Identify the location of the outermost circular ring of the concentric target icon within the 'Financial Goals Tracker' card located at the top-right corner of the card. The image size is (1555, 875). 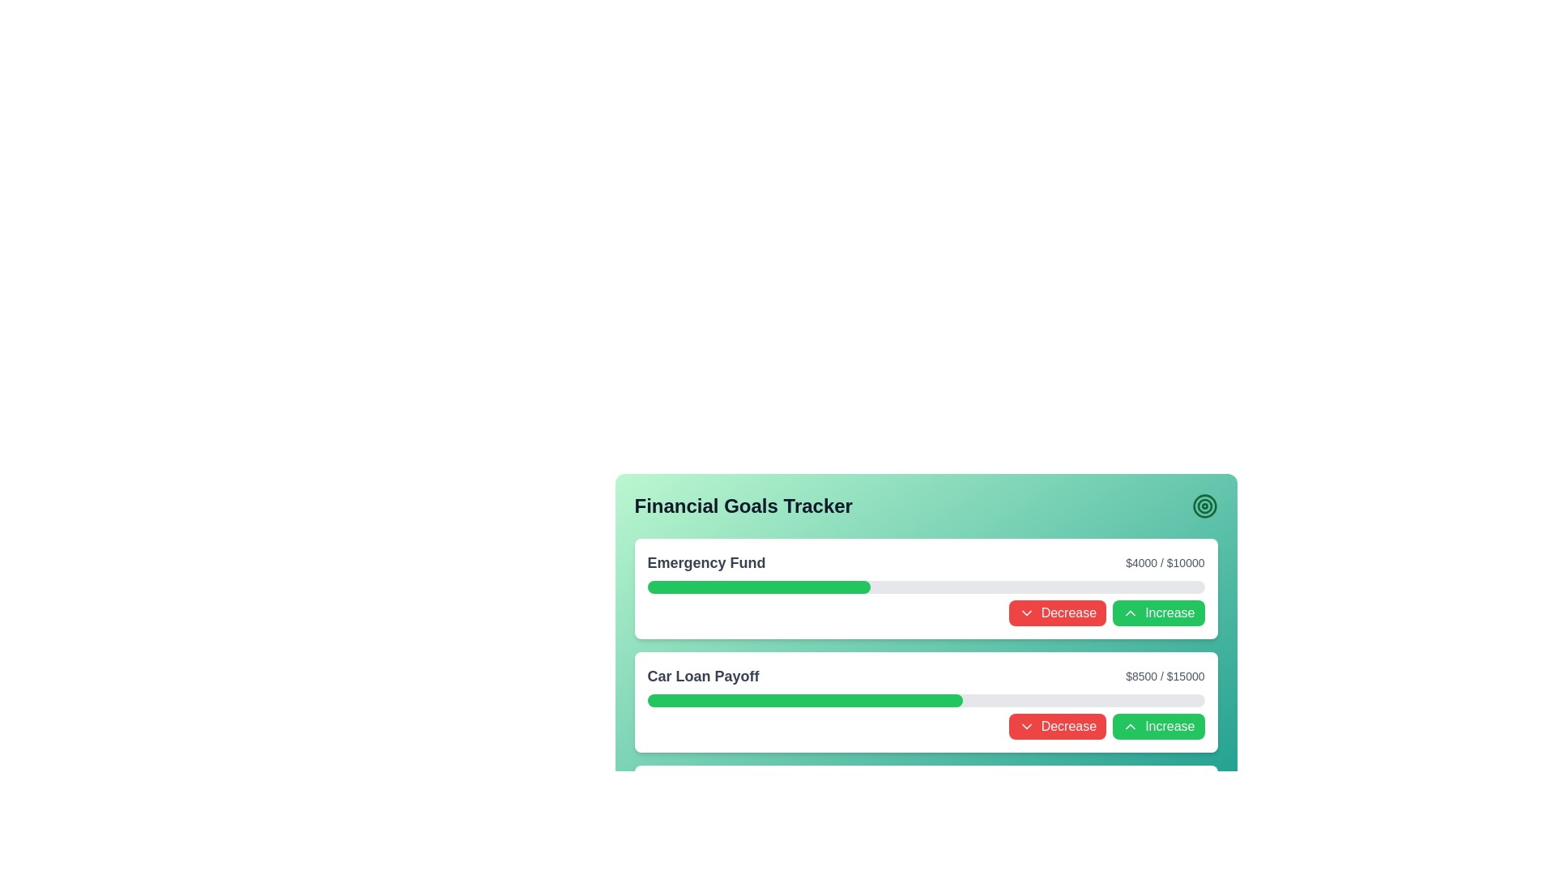
(1204, 505).